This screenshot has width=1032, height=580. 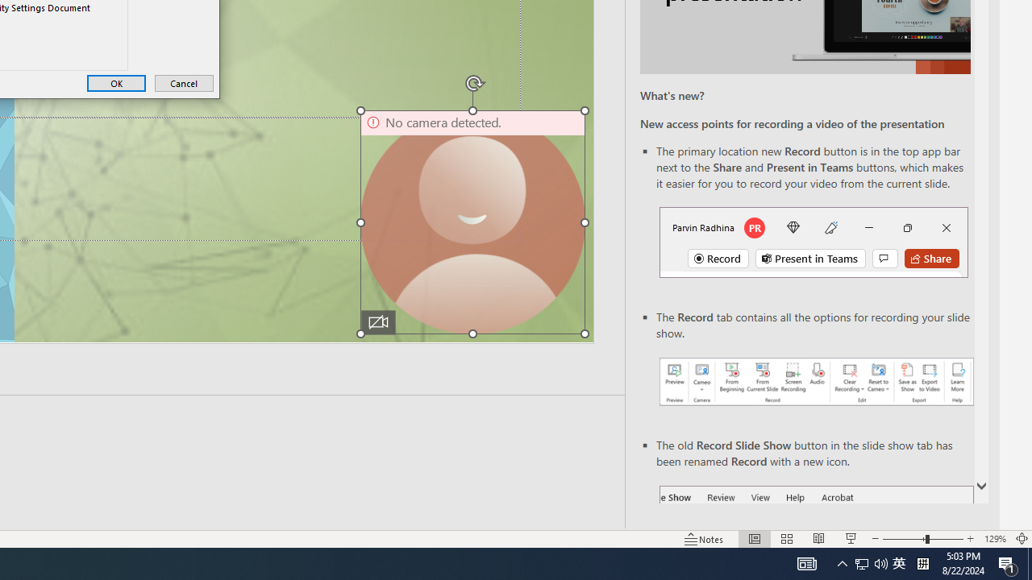 What do you see at coordinates (115, 83) in the screenshot?
I see `'OK'` at bounding box center [115, 83].